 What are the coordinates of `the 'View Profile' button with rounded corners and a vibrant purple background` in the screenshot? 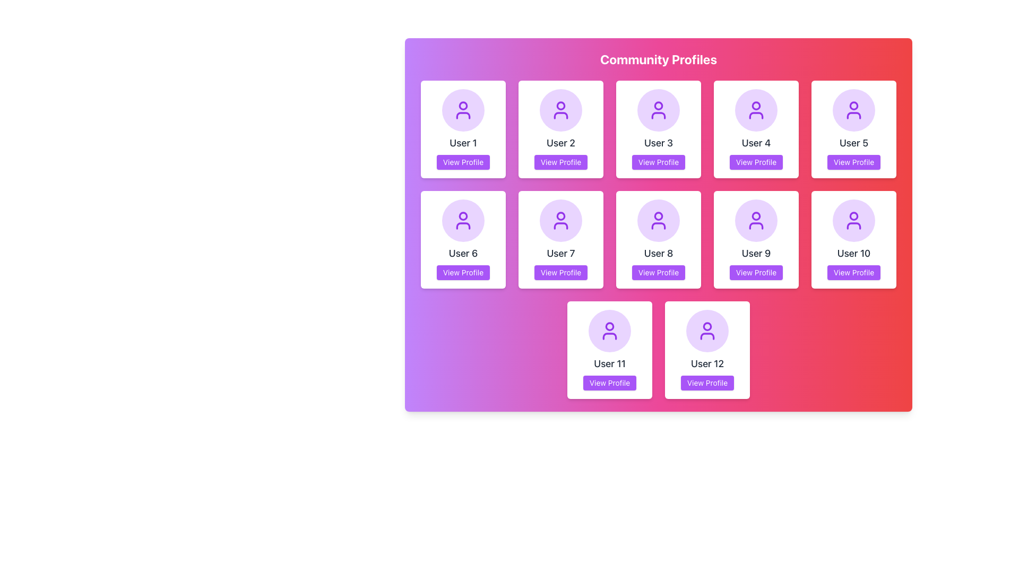 It's located at (463, 272).